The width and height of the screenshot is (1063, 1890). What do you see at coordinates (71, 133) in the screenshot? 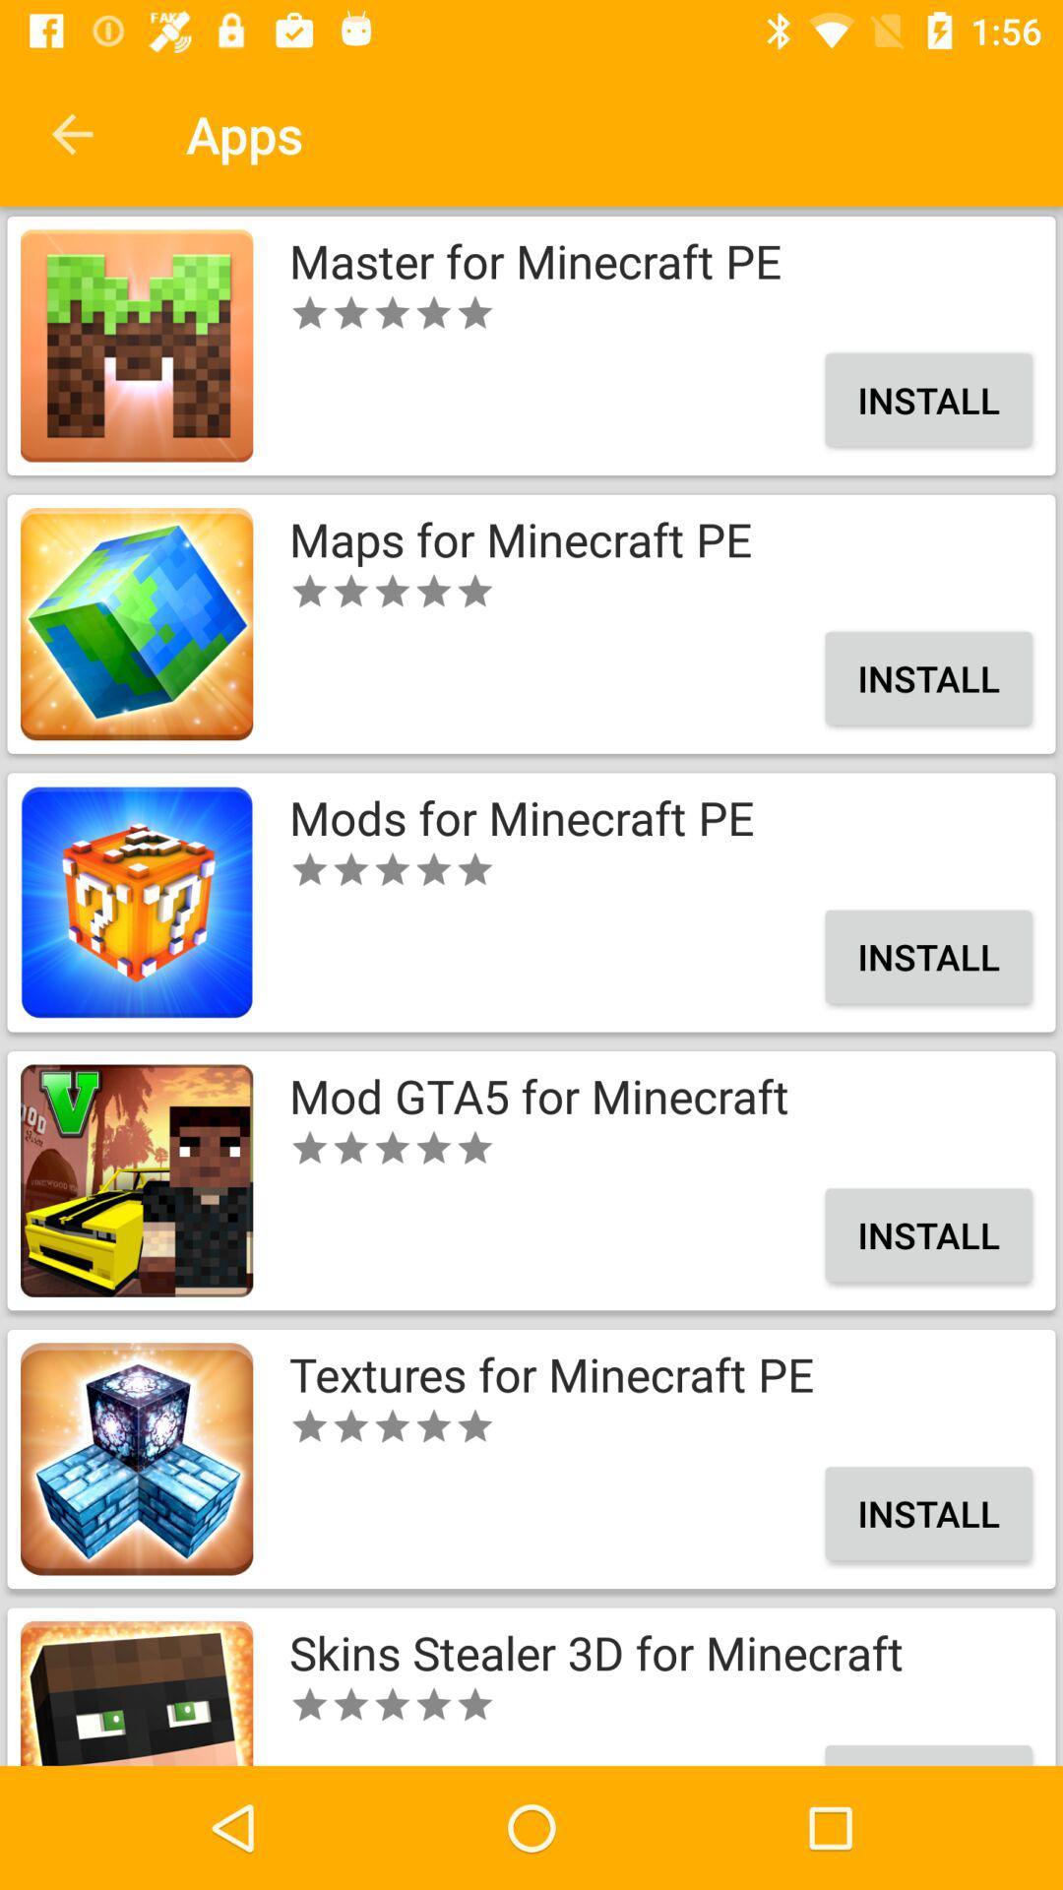
I see `icon next to apps app` at bounding box center [71, 133].